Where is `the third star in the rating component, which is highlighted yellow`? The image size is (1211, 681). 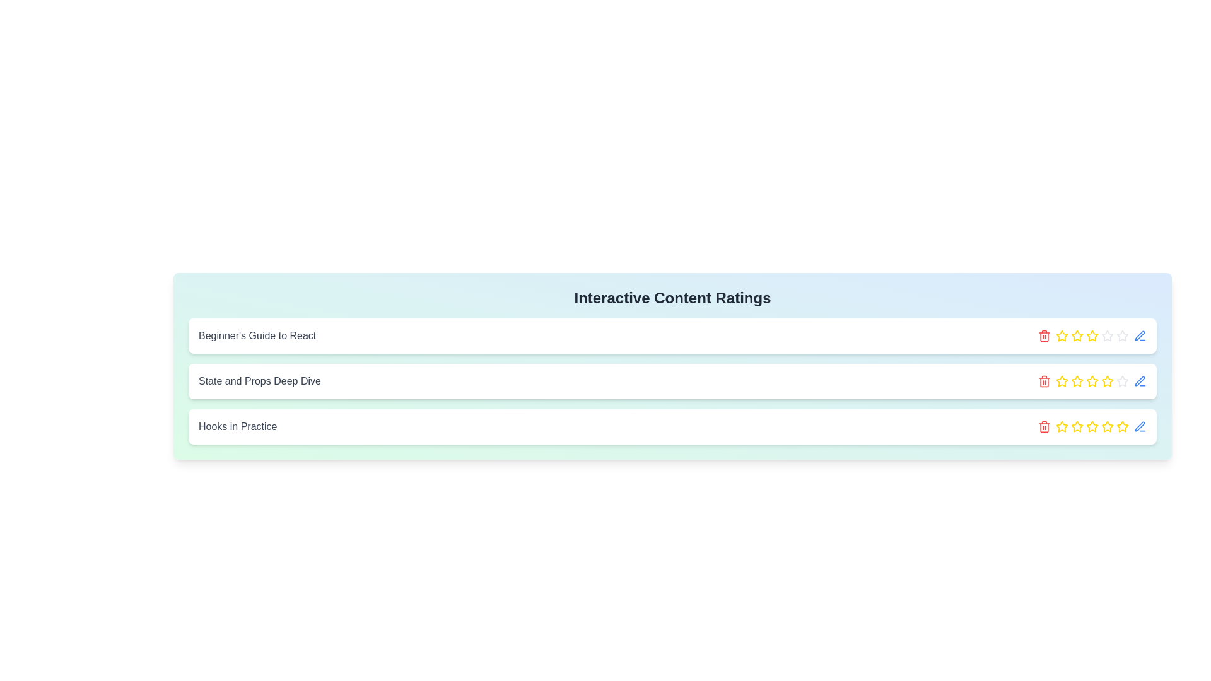
the third star in the rating component, which is highlighted yellow is located at coordinates (1092, 335).